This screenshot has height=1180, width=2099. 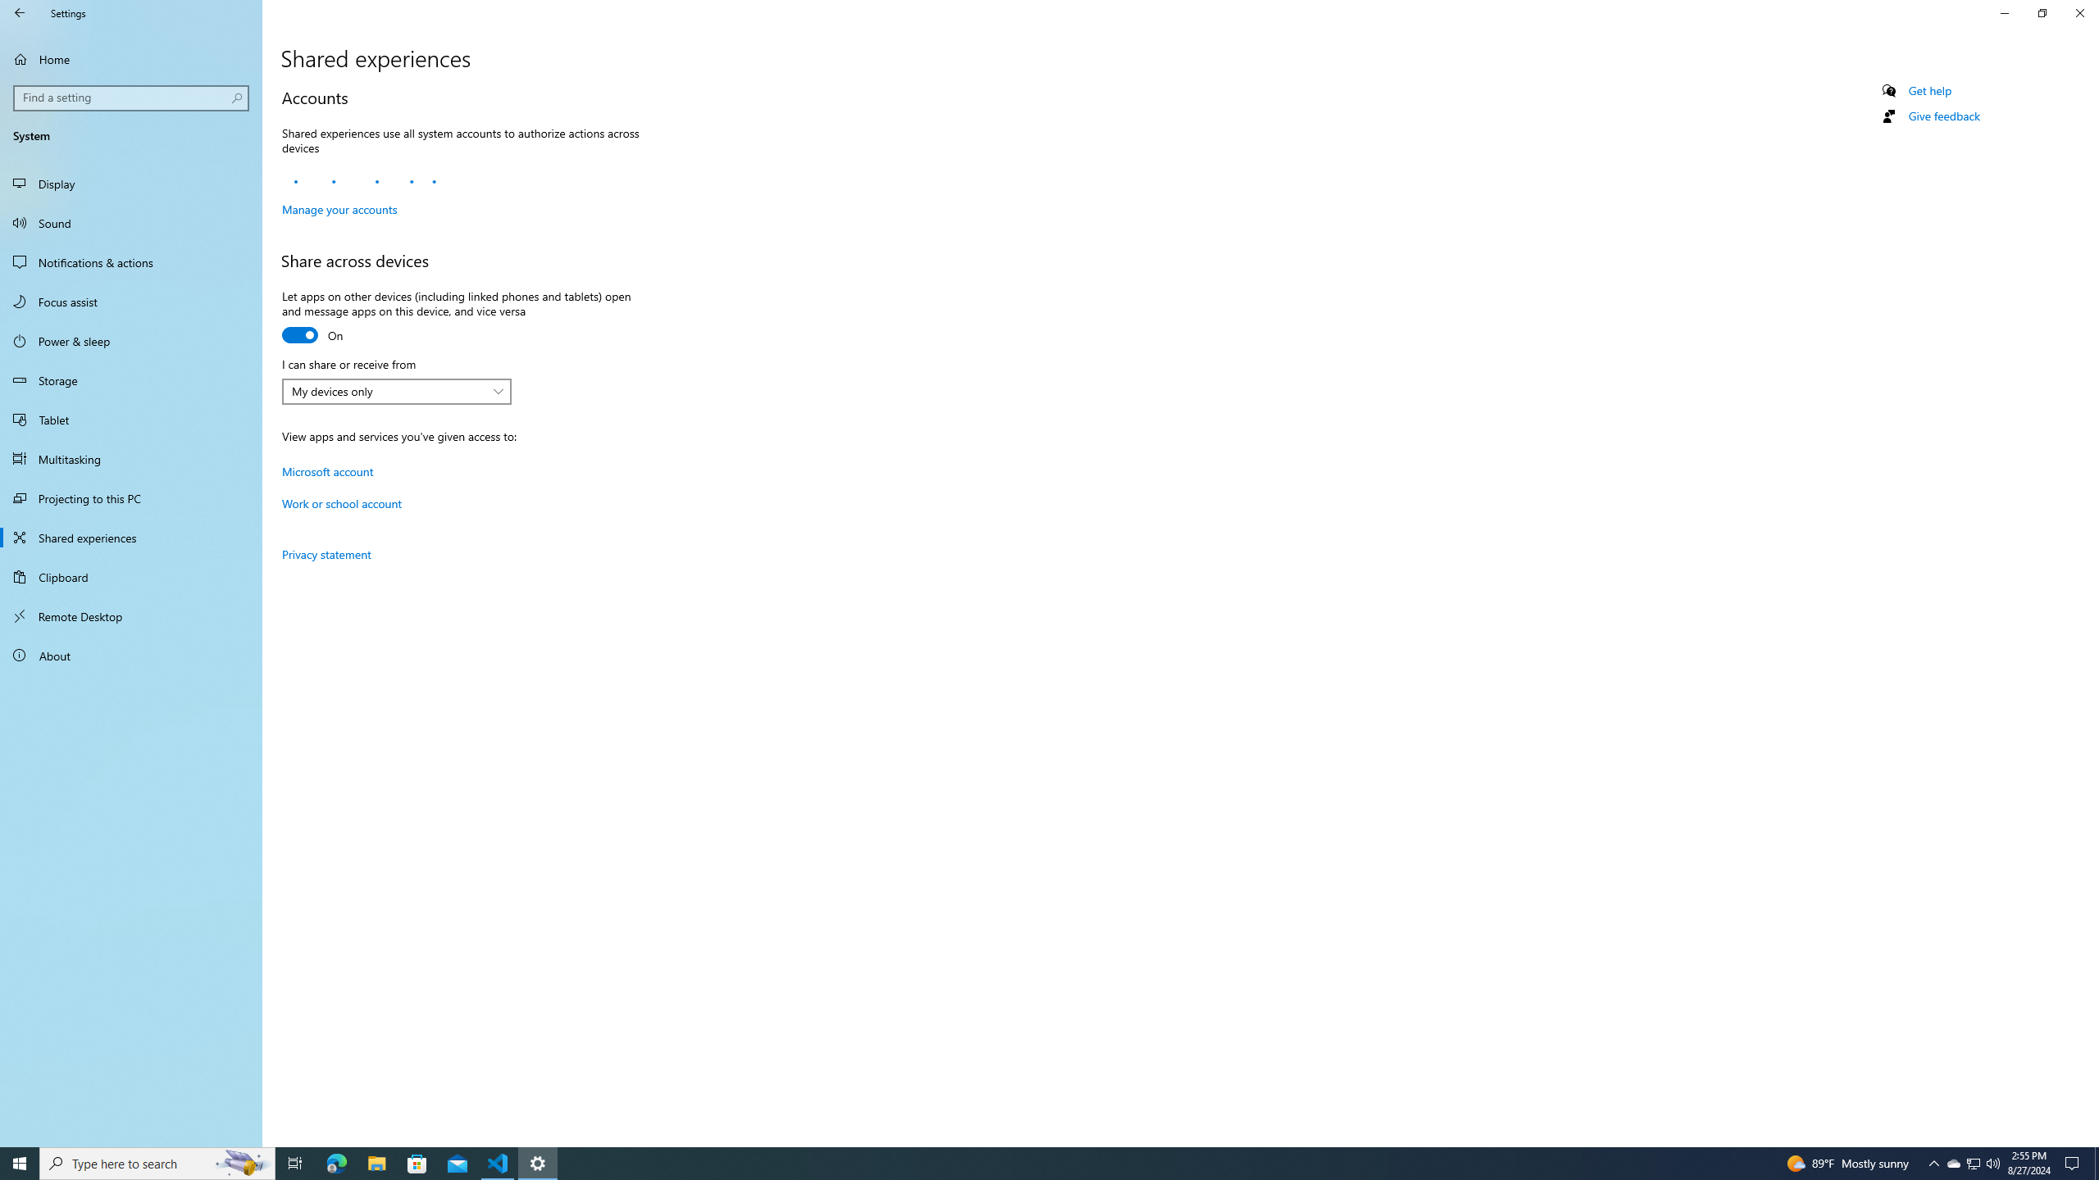 What do you see at coordinates (1934, 1162) in the screenshot?
I see `'Notification Chevron'` at bounding box center [1934, 1162].